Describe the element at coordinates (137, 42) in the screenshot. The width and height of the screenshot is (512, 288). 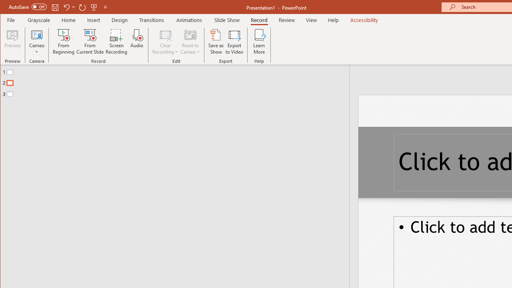
I see `'Audio'` at that location.